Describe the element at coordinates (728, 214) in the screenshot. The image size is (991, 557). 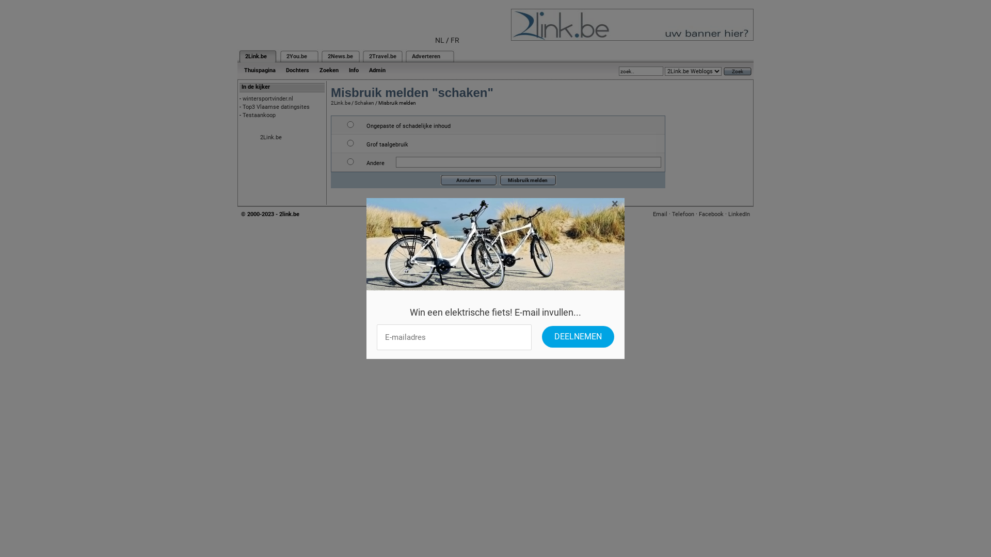
I see `'LinkedIn'` at that location.